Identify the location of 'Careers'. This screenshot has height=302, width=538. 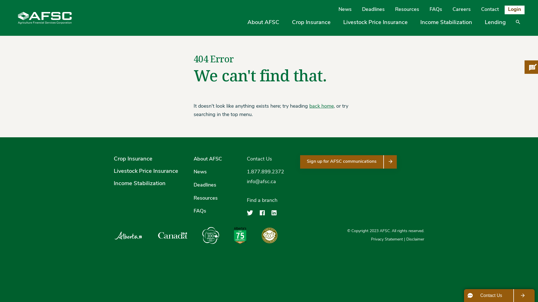
(462, 10).